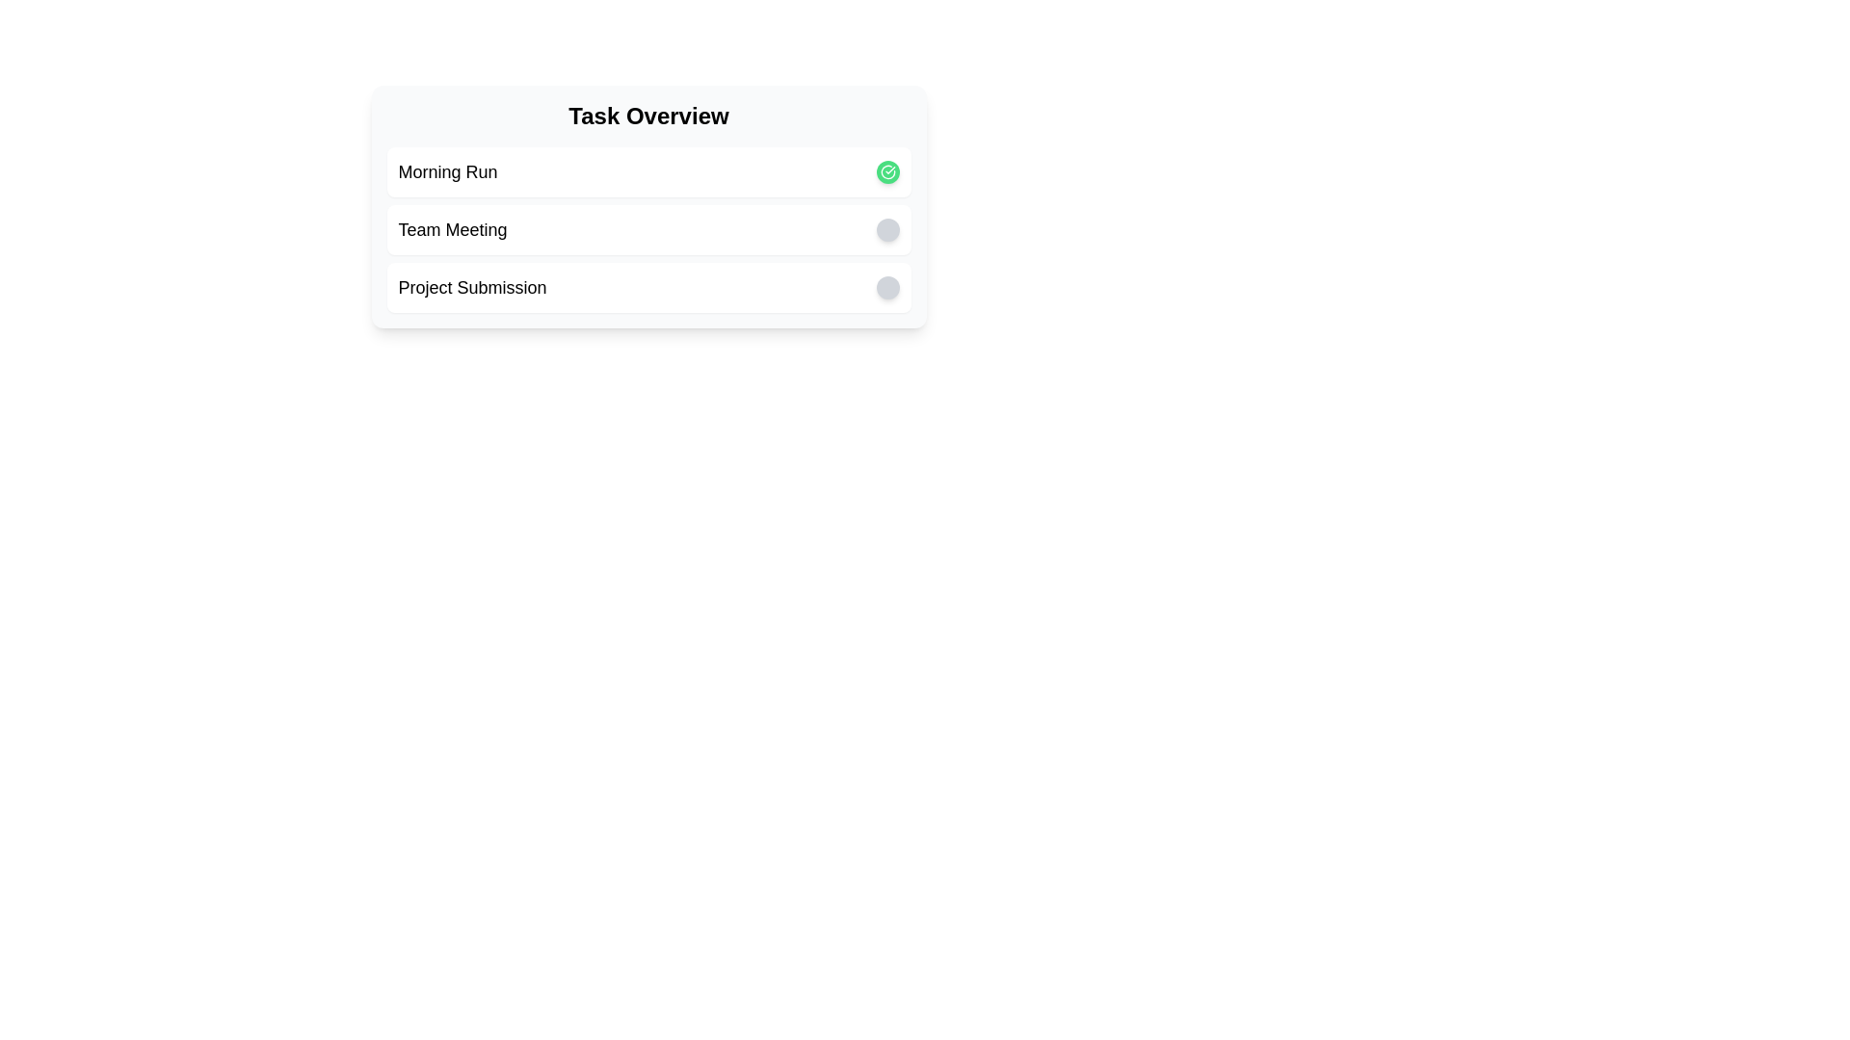 This screenshot has width=1850, height=1040. What do you see at coordinates (648, 229) in the screenshot?
I see `the List item presenting the 'Team Meeting' task` at bounding box center [648, 229].